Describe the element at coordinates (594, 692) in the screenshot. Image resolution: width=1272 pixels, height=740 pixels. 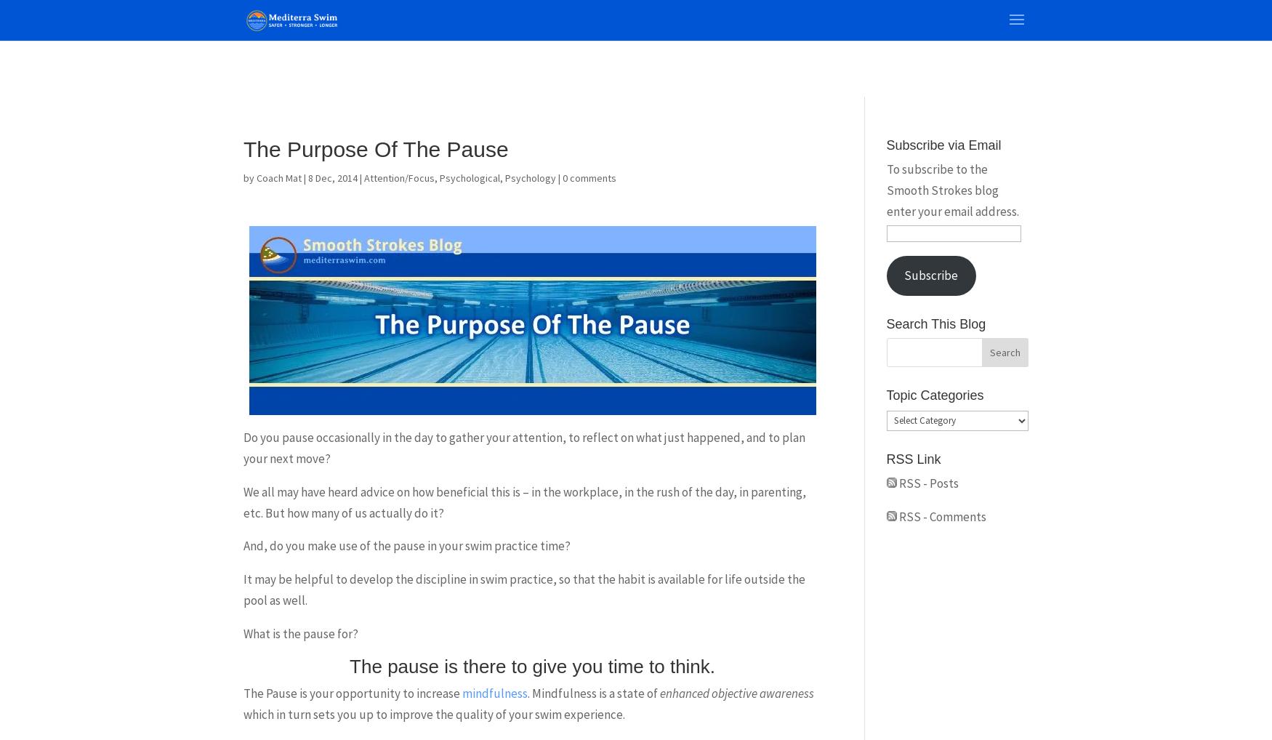
I see `'. Mindfulness is a state of'` at that location.